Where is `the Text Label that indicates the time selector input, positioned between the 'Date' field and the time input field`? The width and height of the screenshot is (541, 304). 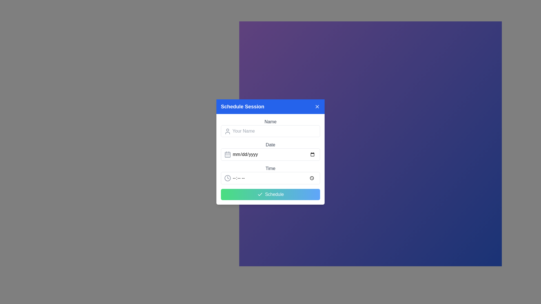
the Text Label that indicates the time selector input, positioned between the 'Date' field and the time input field is located at coordinates (270, 168).